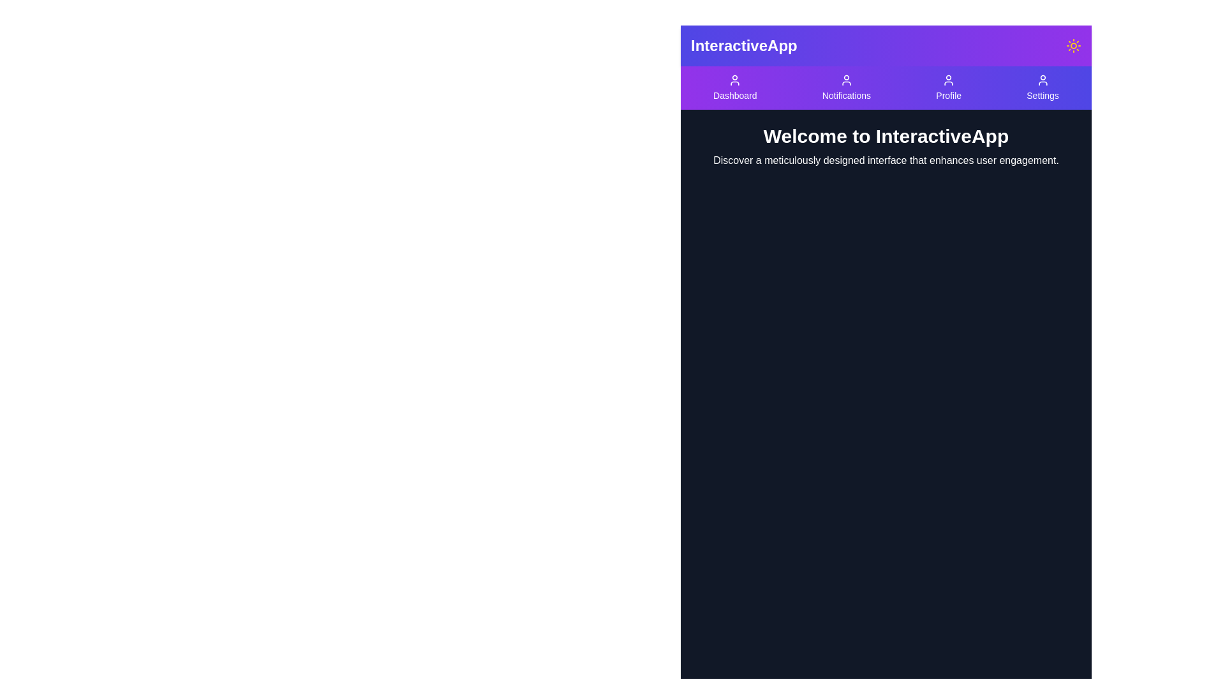  I want to click on dark mode toggle button to switch between dark and light modes, so click(1073, 45).